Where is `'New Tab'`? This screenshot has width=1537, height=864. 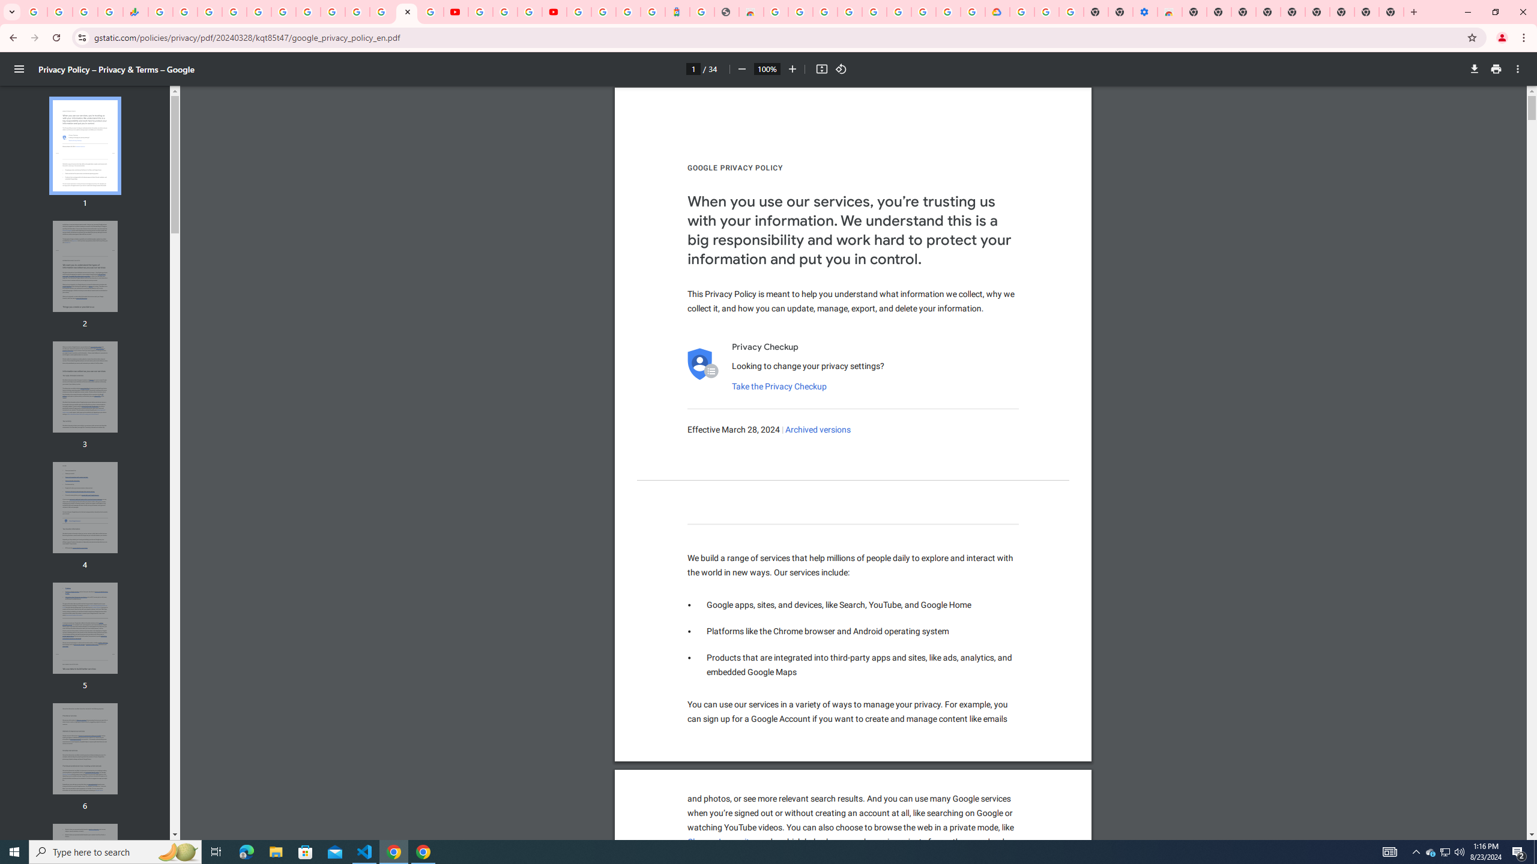
'New Tab' is located at coordinates (1194, 11).